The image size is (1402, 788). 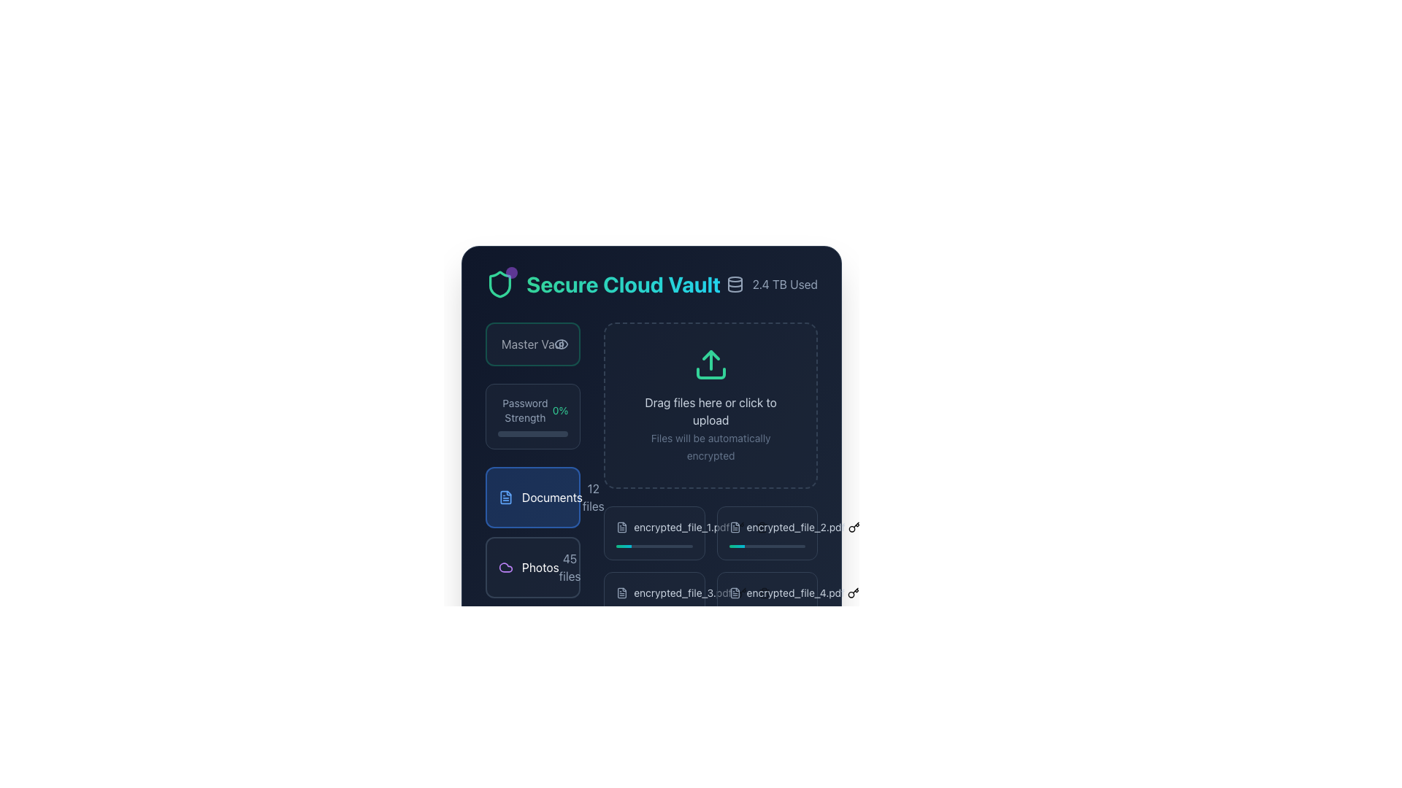 I want to click on the key icon located in the bottom-right corner of the interface, adjacent to the file named 'encrypted_file_4.pdf', so click(x=854, y=593).